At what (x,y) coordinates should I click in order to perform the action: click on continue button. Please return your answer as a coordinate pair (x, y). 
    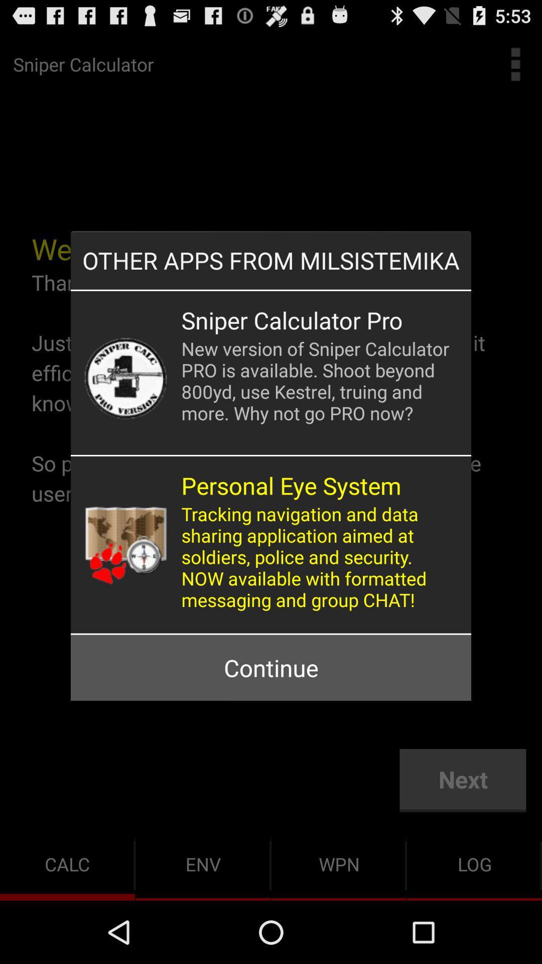
    Looking at the image, I should click on (271, 668).